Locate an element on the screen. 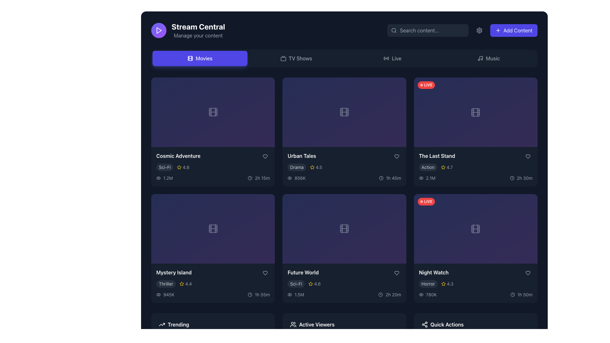 This screenshot has height=343, width=610. the 'TV Shows' navigation text label located in the top navigation bar is located at coordinates (300, 58).